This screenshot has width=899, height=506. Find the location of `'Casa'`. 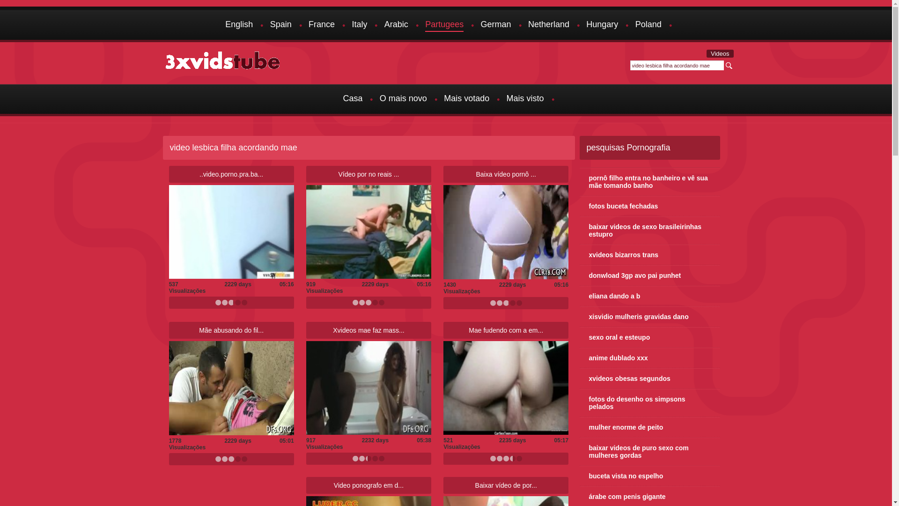

'Casa' is located at coordinates (352, 99).